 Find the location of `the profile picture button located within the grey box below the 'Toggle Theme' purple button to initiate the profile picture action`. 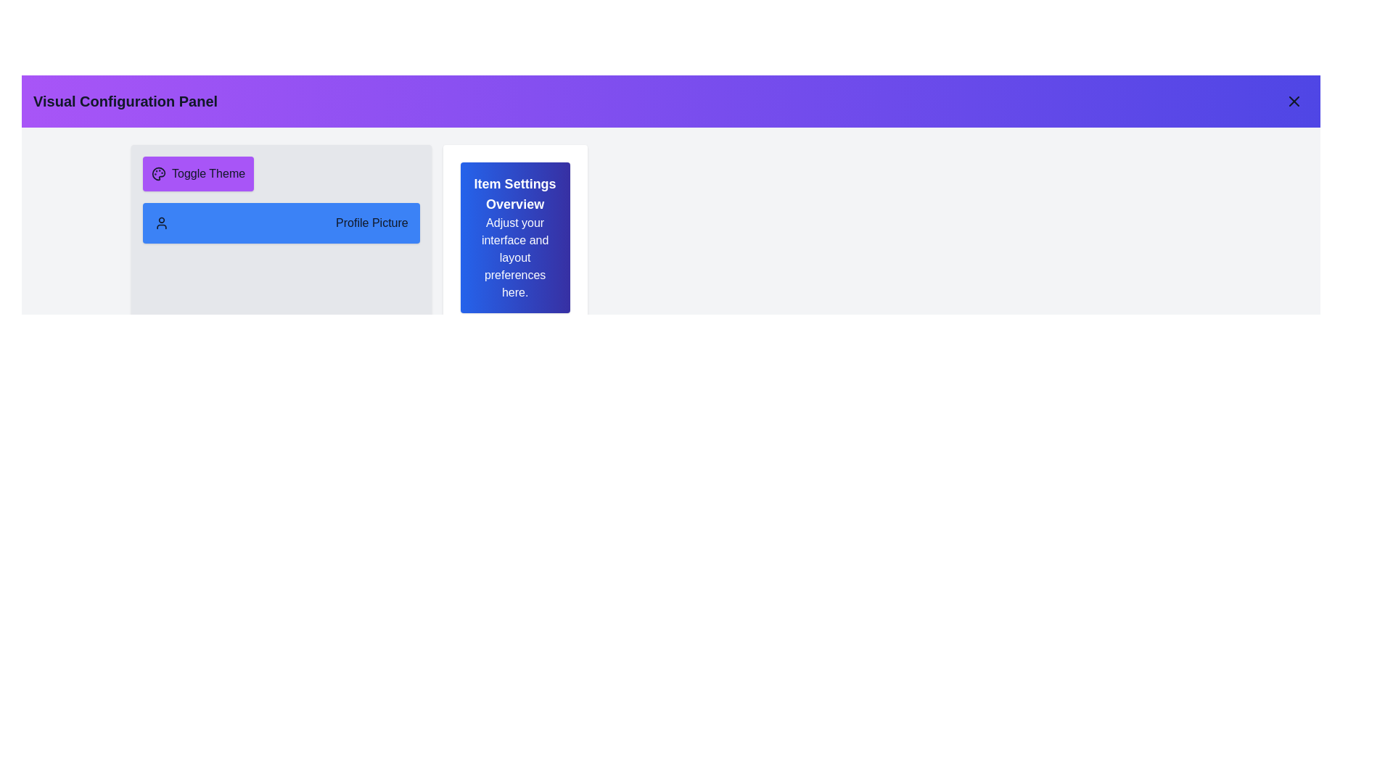

the profile picture button located within the grey box below the 'Toggle Theme' purple button to initiate the profile picture action is located at coordinates (281, 236).